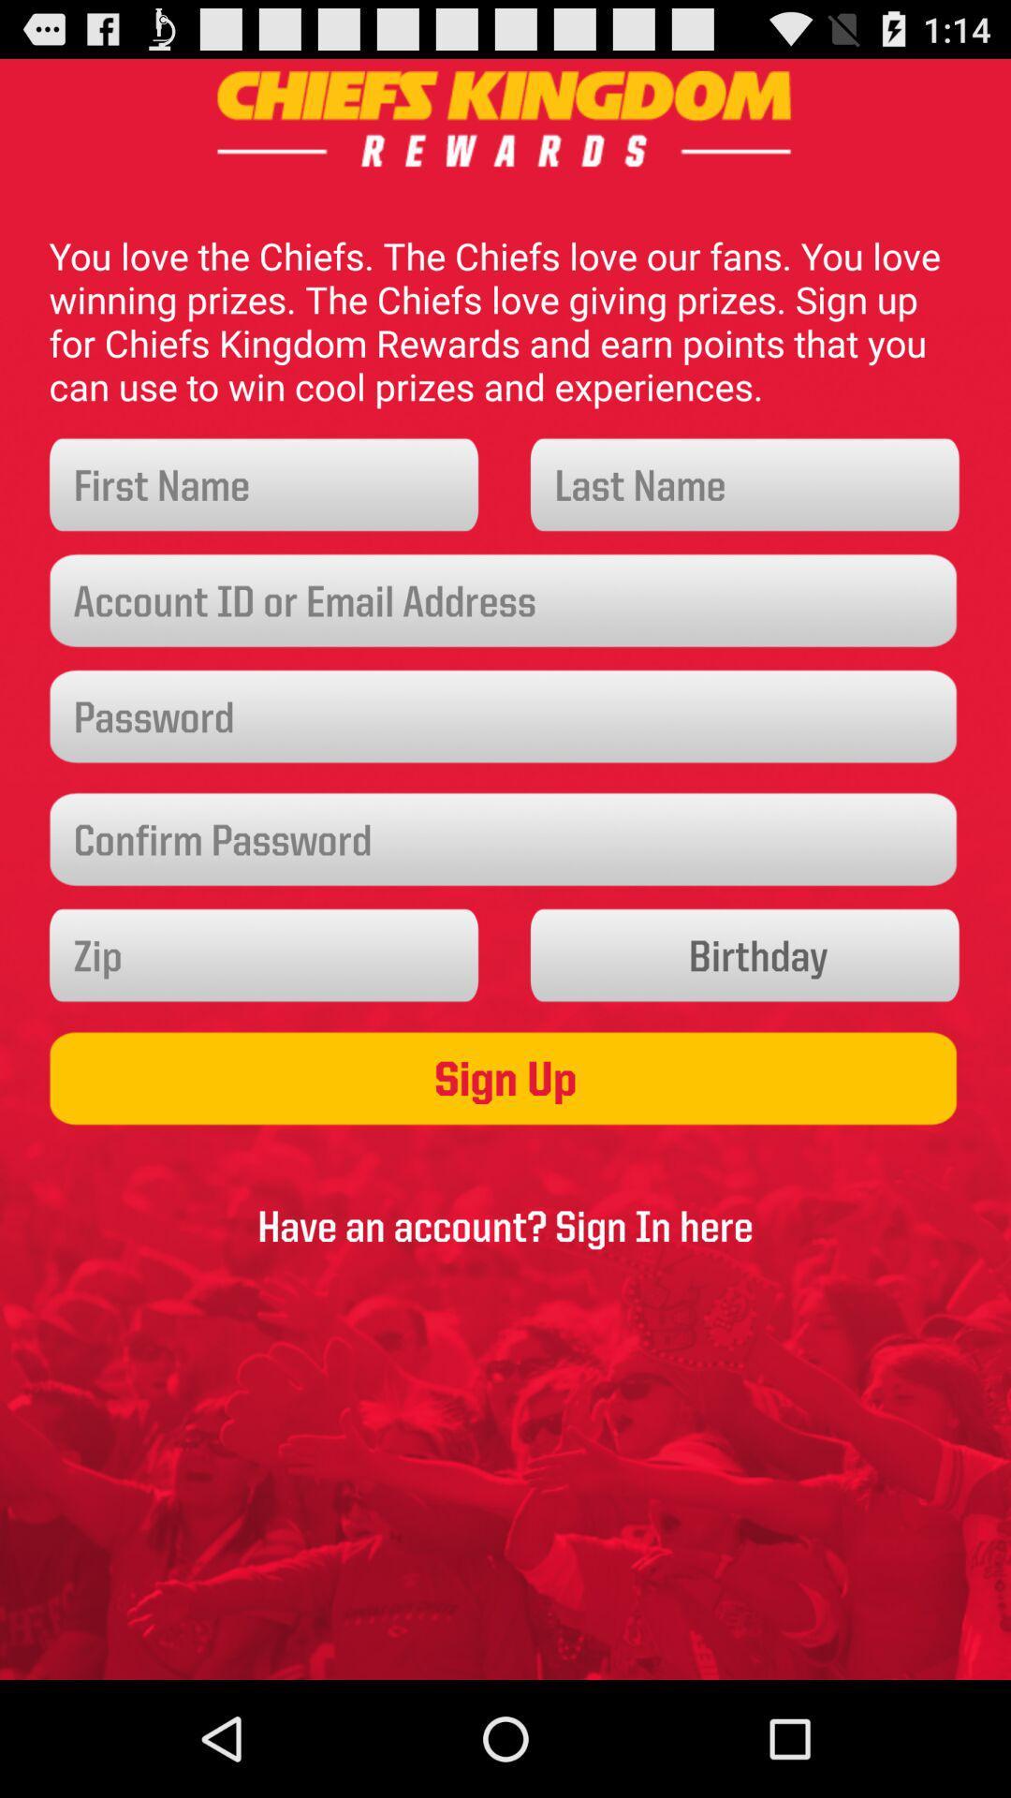  Describe the element at coordinates (744, 485) in the screenshot. I see `input the last name` at that location.